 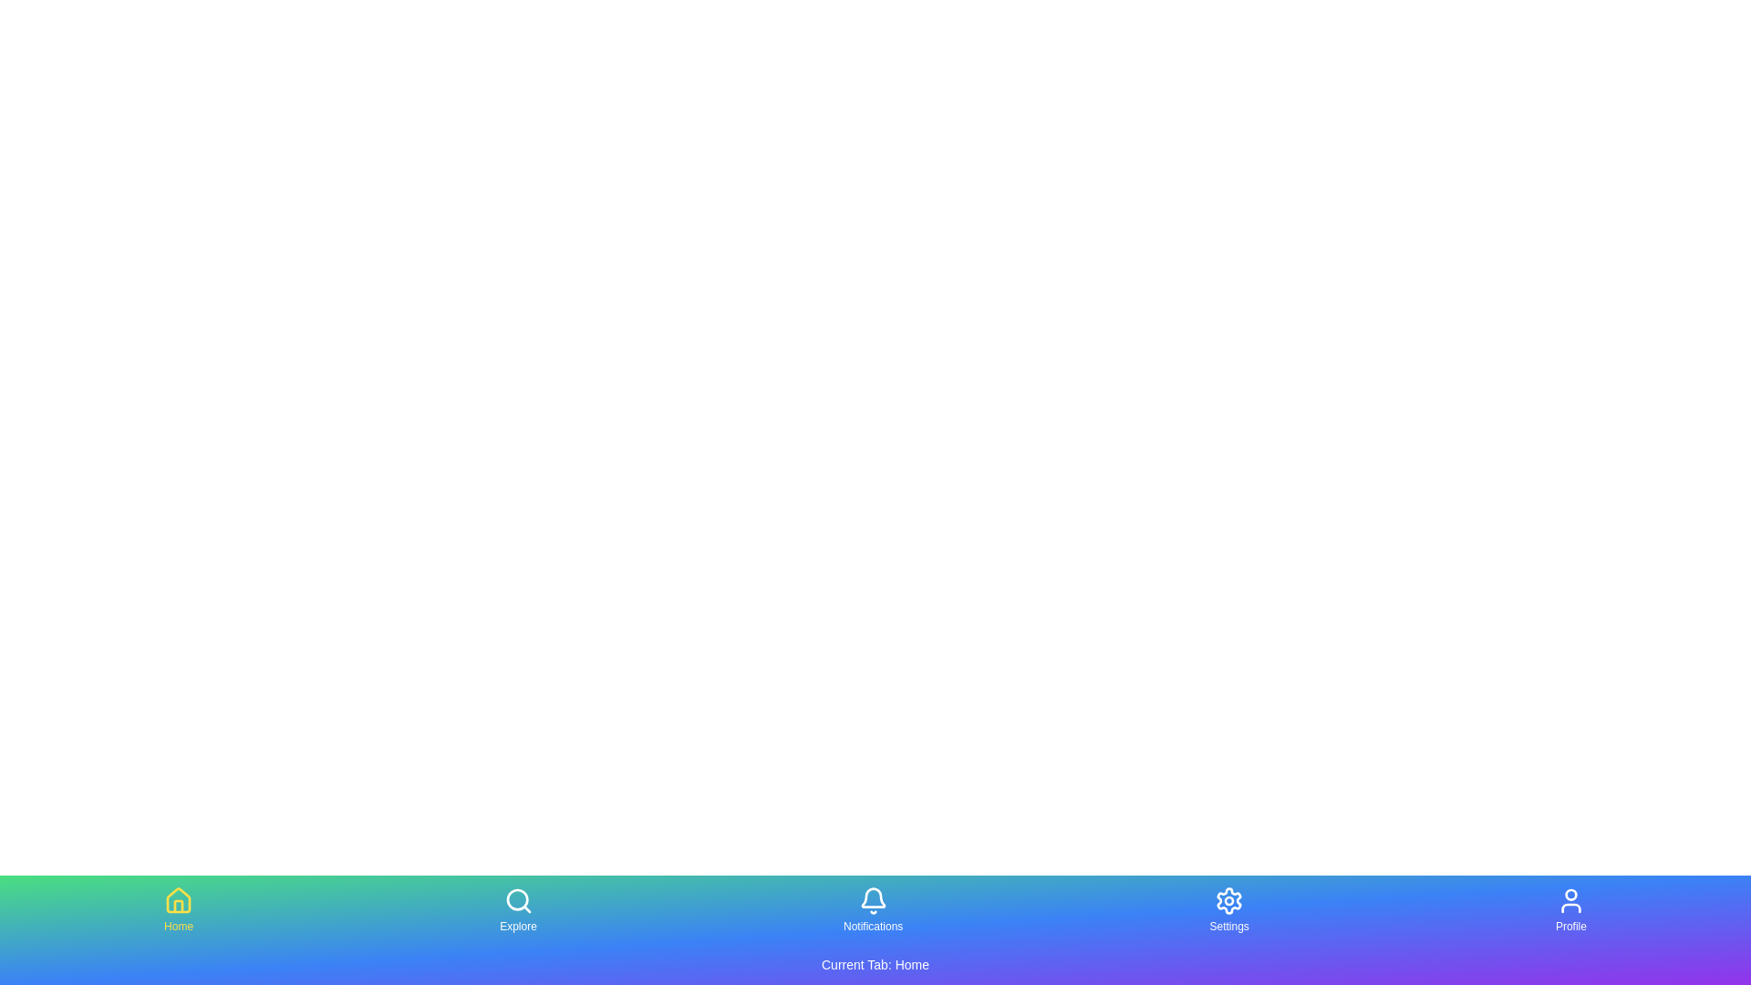 I want to click on the tab labeled Home to select it, so click(x=179, y=910).